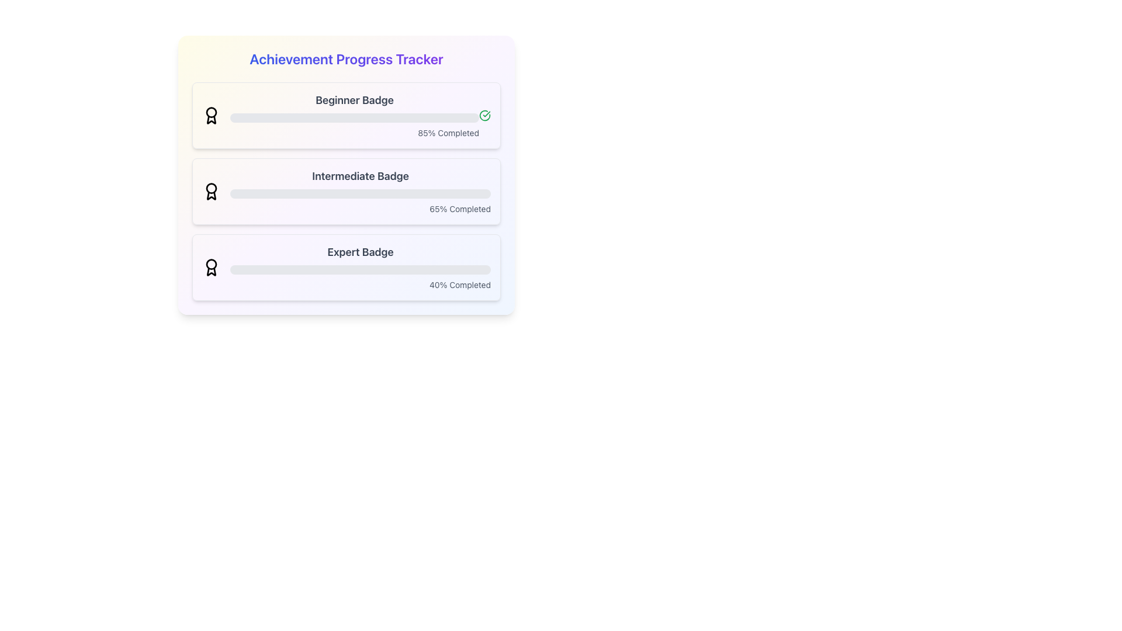 The image size is (1122, 631). I want to click on the progress status of the linear progress bar located below the 'Intermediate Badge' header and above the '65% Completed' text, so click(360, 193).